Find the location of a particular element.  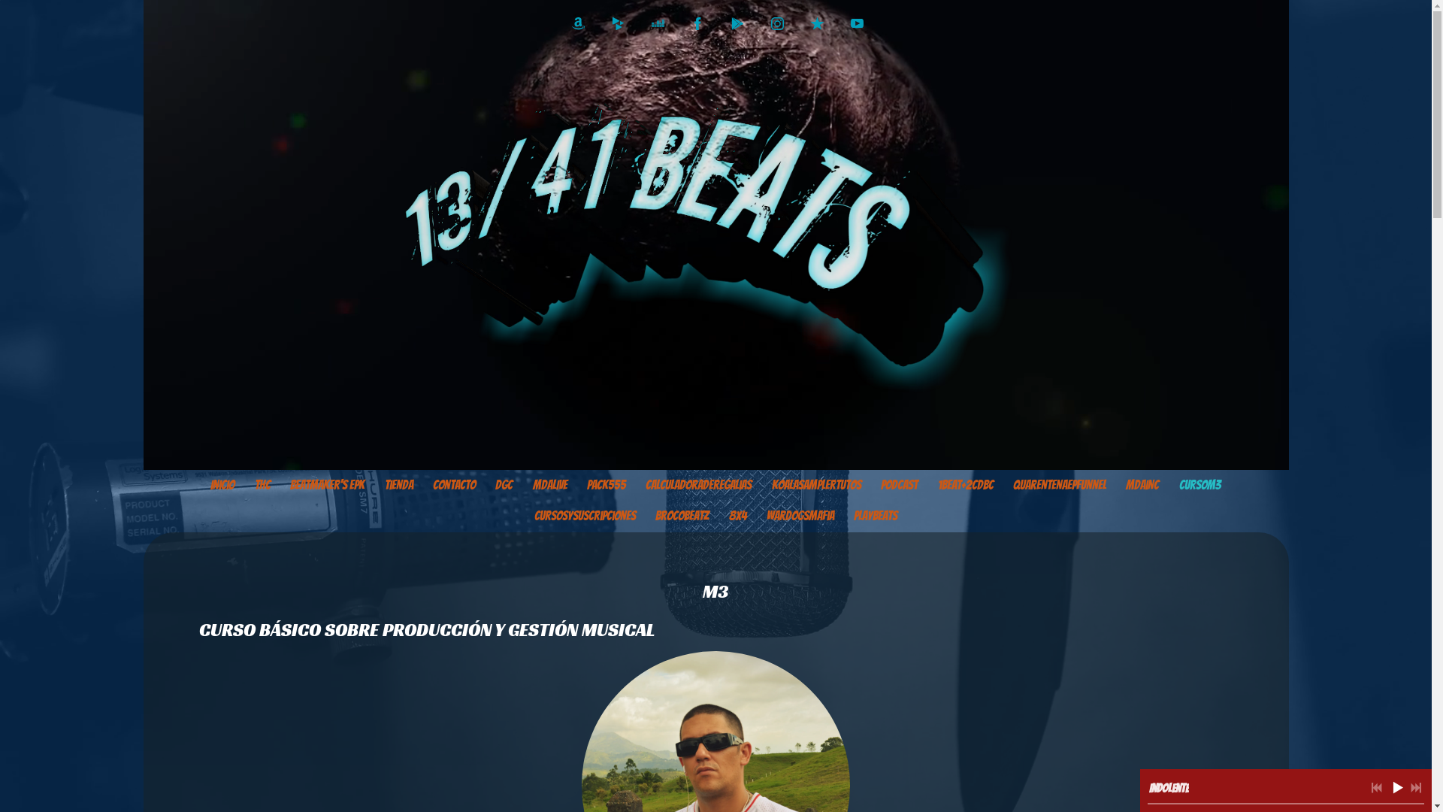

'BrocoBeatz' is located at coordinates (681, 515).